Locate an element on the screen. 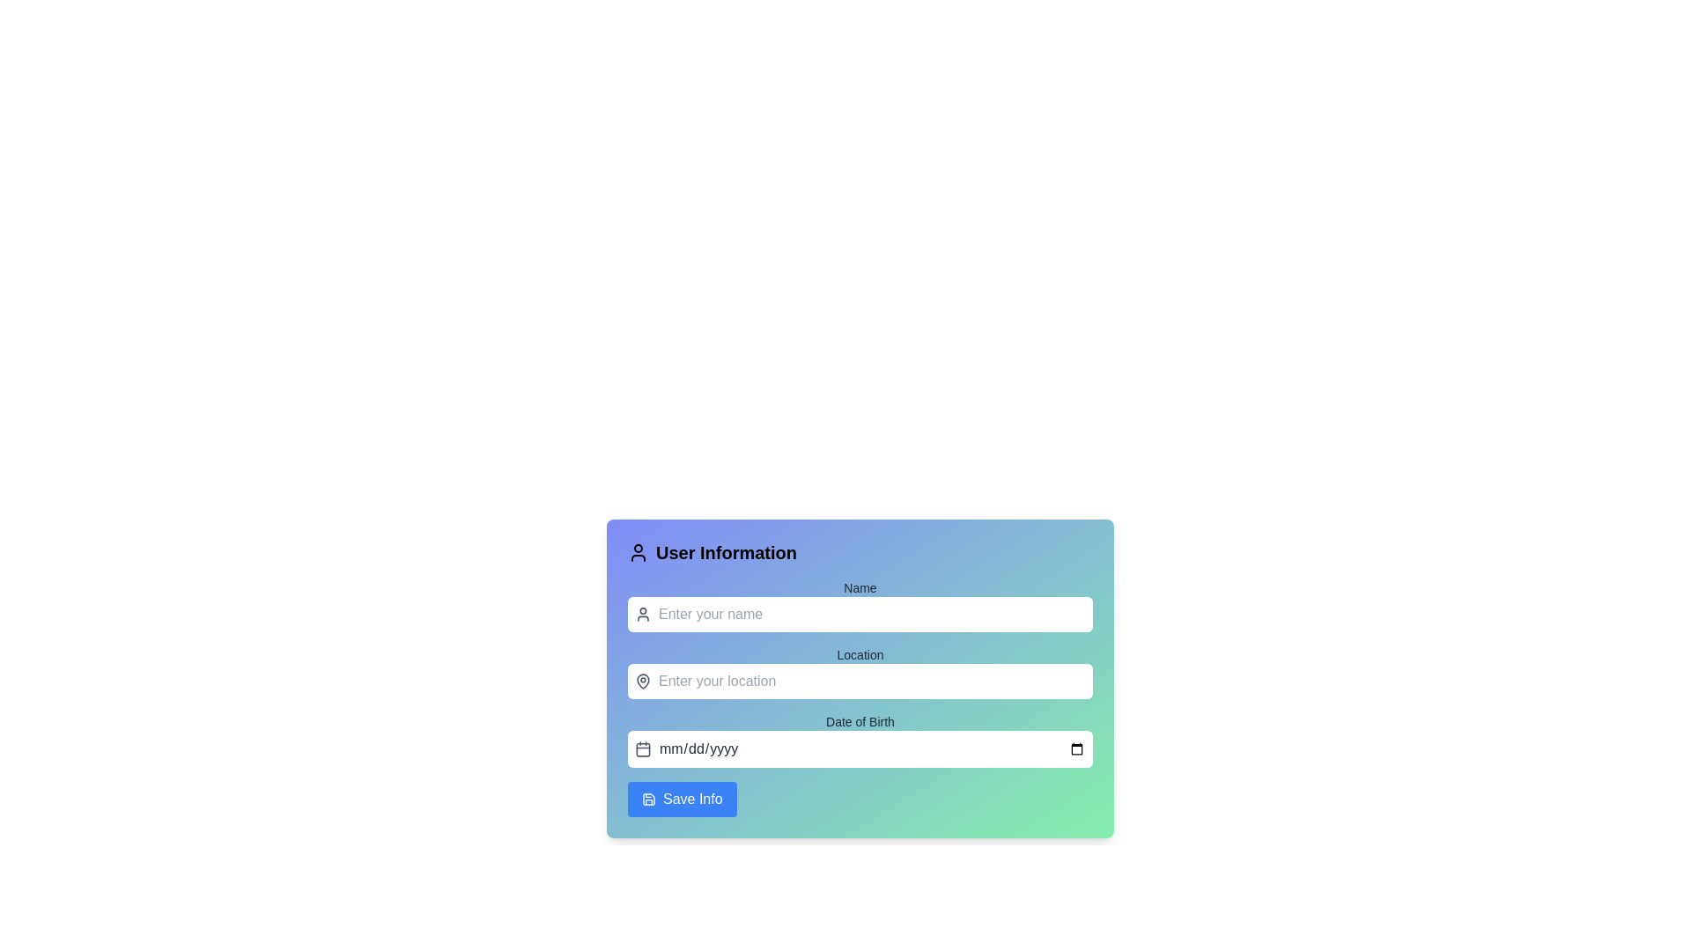 The width and height of the screenshot is (1691, 951). the calendar icon representing the date field in the 'Date of Birth' section of the form is located at coordinates (642, 749).